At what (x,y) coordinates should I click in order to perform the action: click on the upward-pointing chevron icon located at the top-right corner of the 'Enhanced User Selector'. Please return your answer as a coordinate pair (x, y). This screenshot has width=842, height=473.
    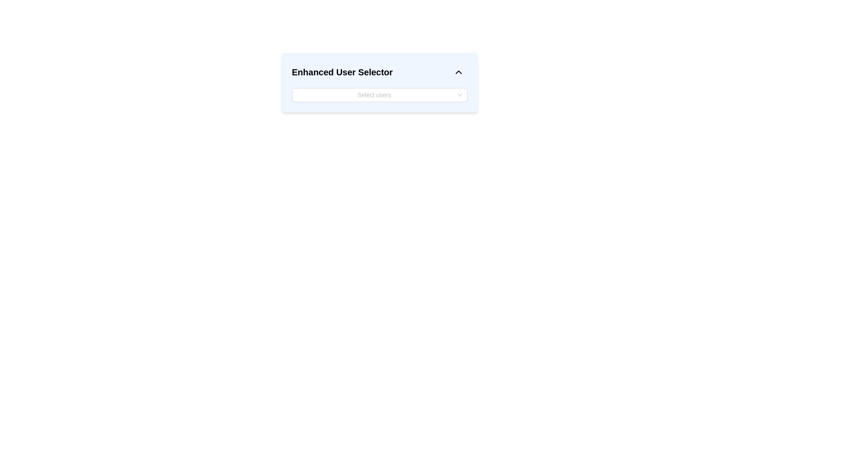
    Looking at the image, I should click on (458, 72).